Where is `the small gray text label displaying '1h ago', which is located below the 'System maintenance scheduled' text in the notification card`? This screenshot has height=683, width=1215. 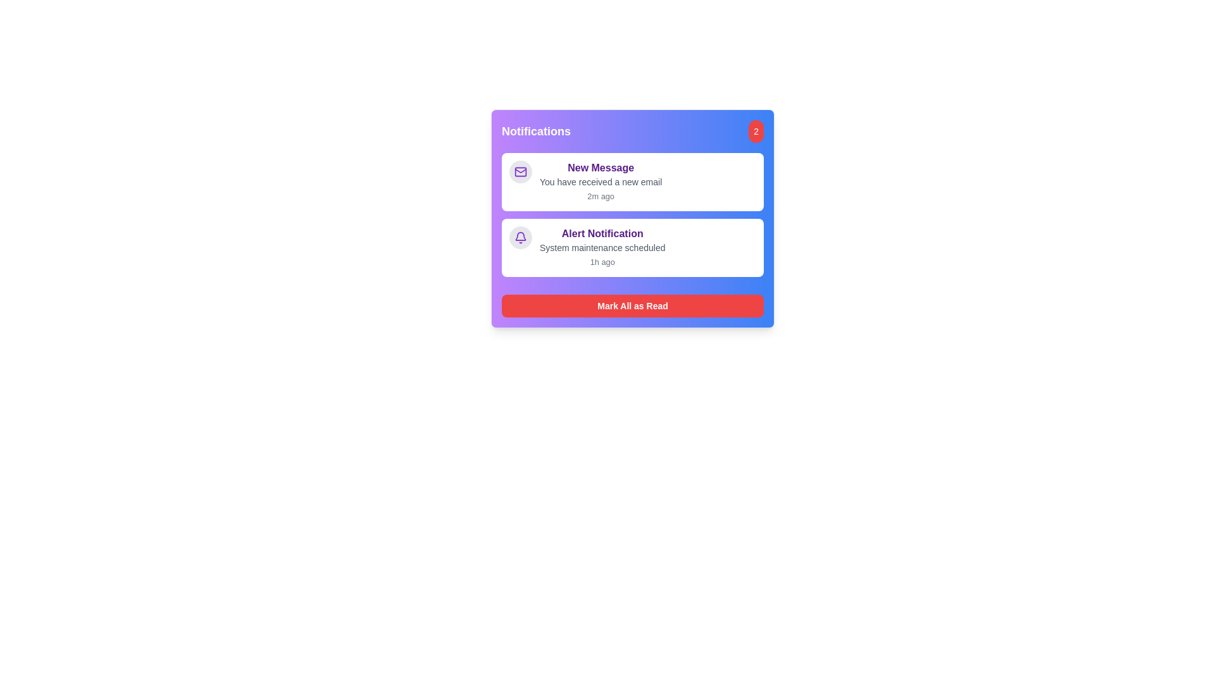 the small gray text label displaying '1h ago', which is located below the 'System maintenance scheduled' text in the notification card is located at coordinates (602, 261).